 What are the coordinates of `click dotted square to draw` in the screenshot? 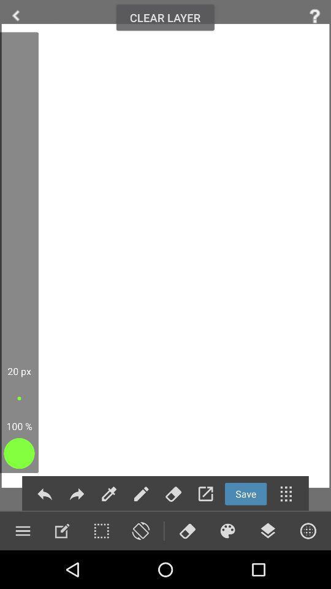 It's located at (101, 530).